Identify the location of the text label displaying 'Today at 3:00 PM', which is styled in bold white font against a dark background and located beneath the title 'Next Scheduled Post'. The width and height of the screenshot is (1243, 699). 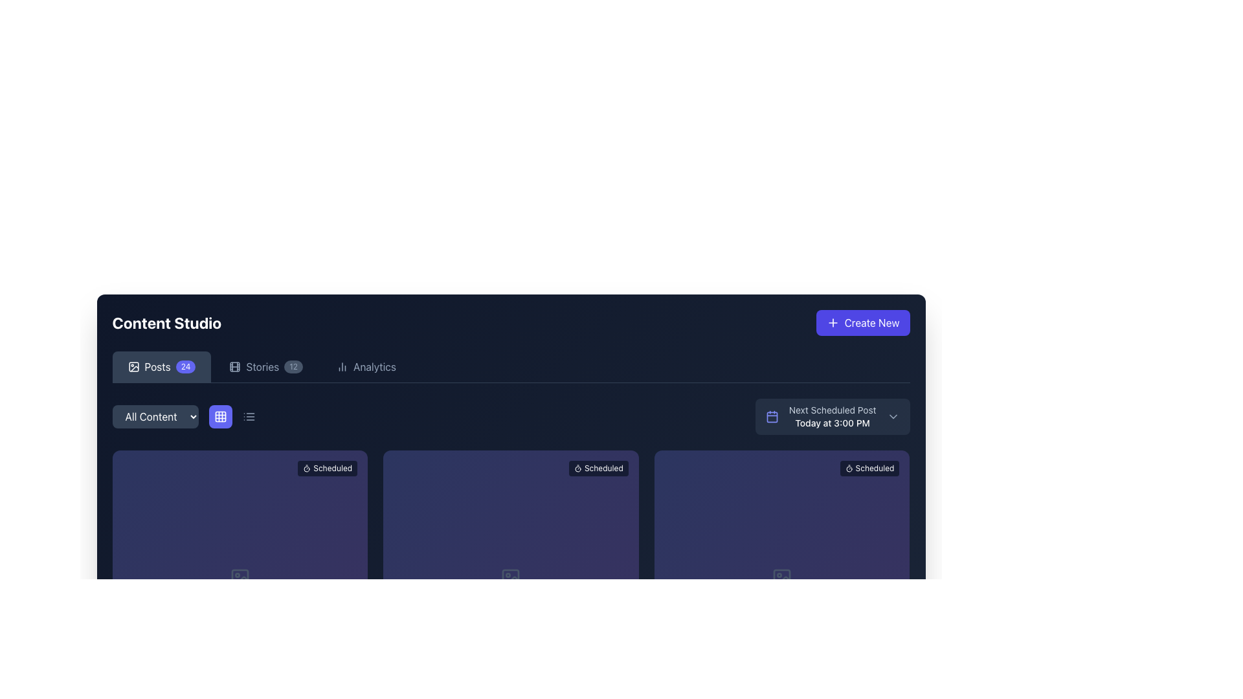
(833, 423).